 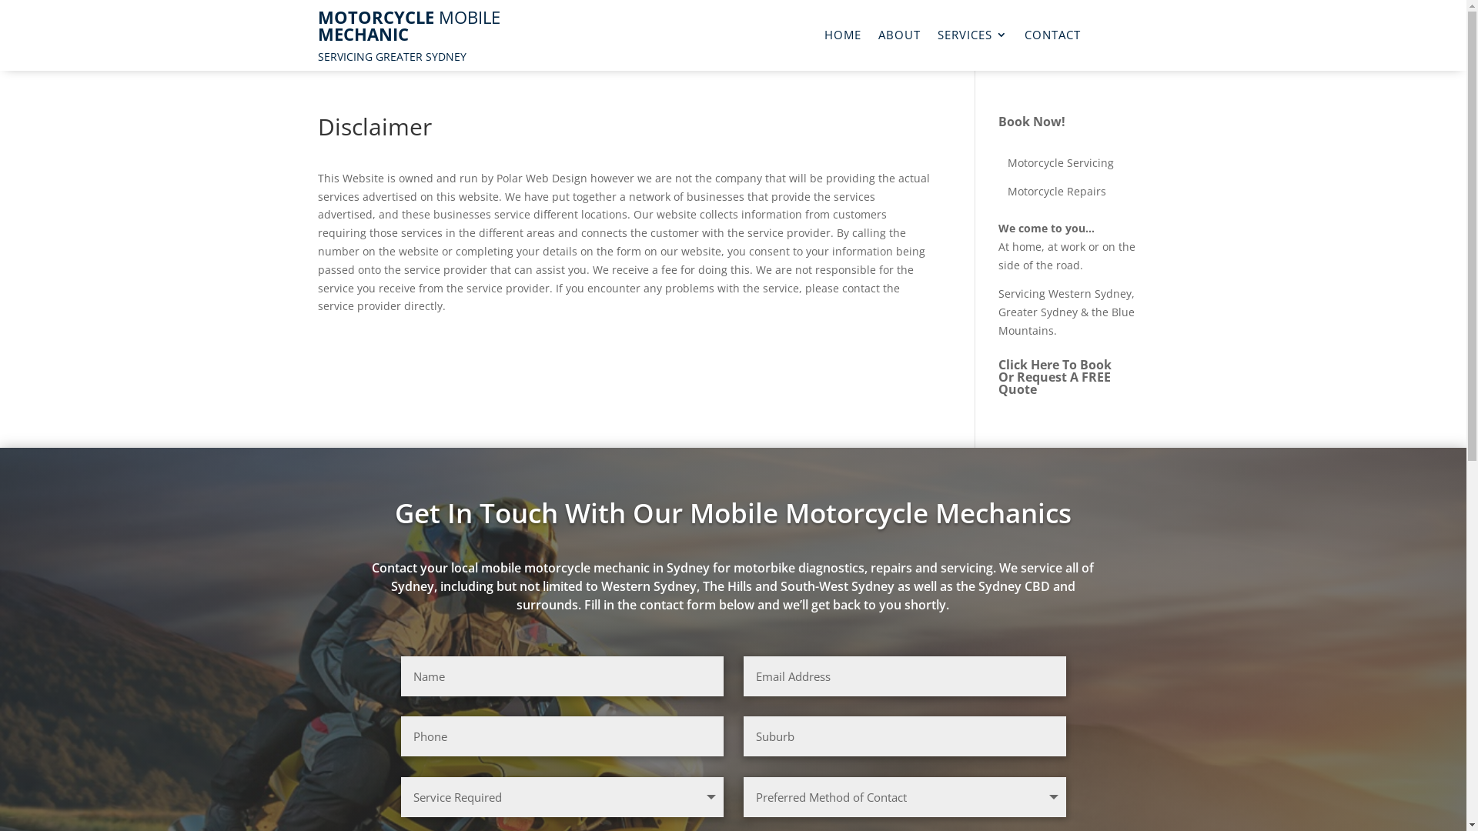 I want to click on 'ABOUT', so click(x=899, y=37).